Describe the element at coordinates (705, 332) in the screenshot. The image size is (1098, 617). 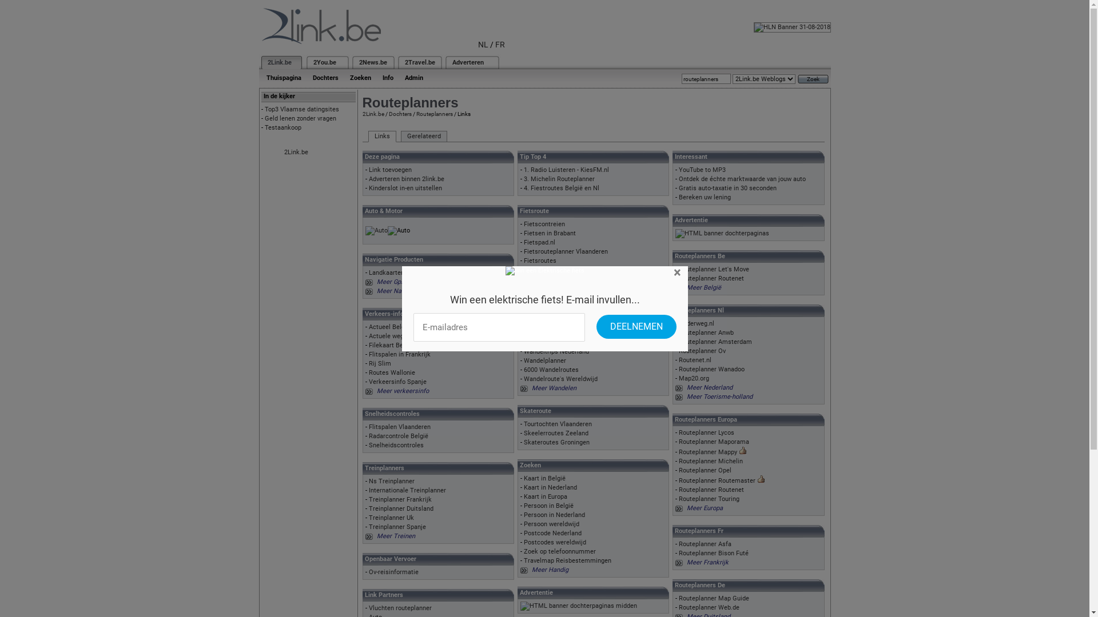
I see `'Routeplanner Anwb'` at that location.